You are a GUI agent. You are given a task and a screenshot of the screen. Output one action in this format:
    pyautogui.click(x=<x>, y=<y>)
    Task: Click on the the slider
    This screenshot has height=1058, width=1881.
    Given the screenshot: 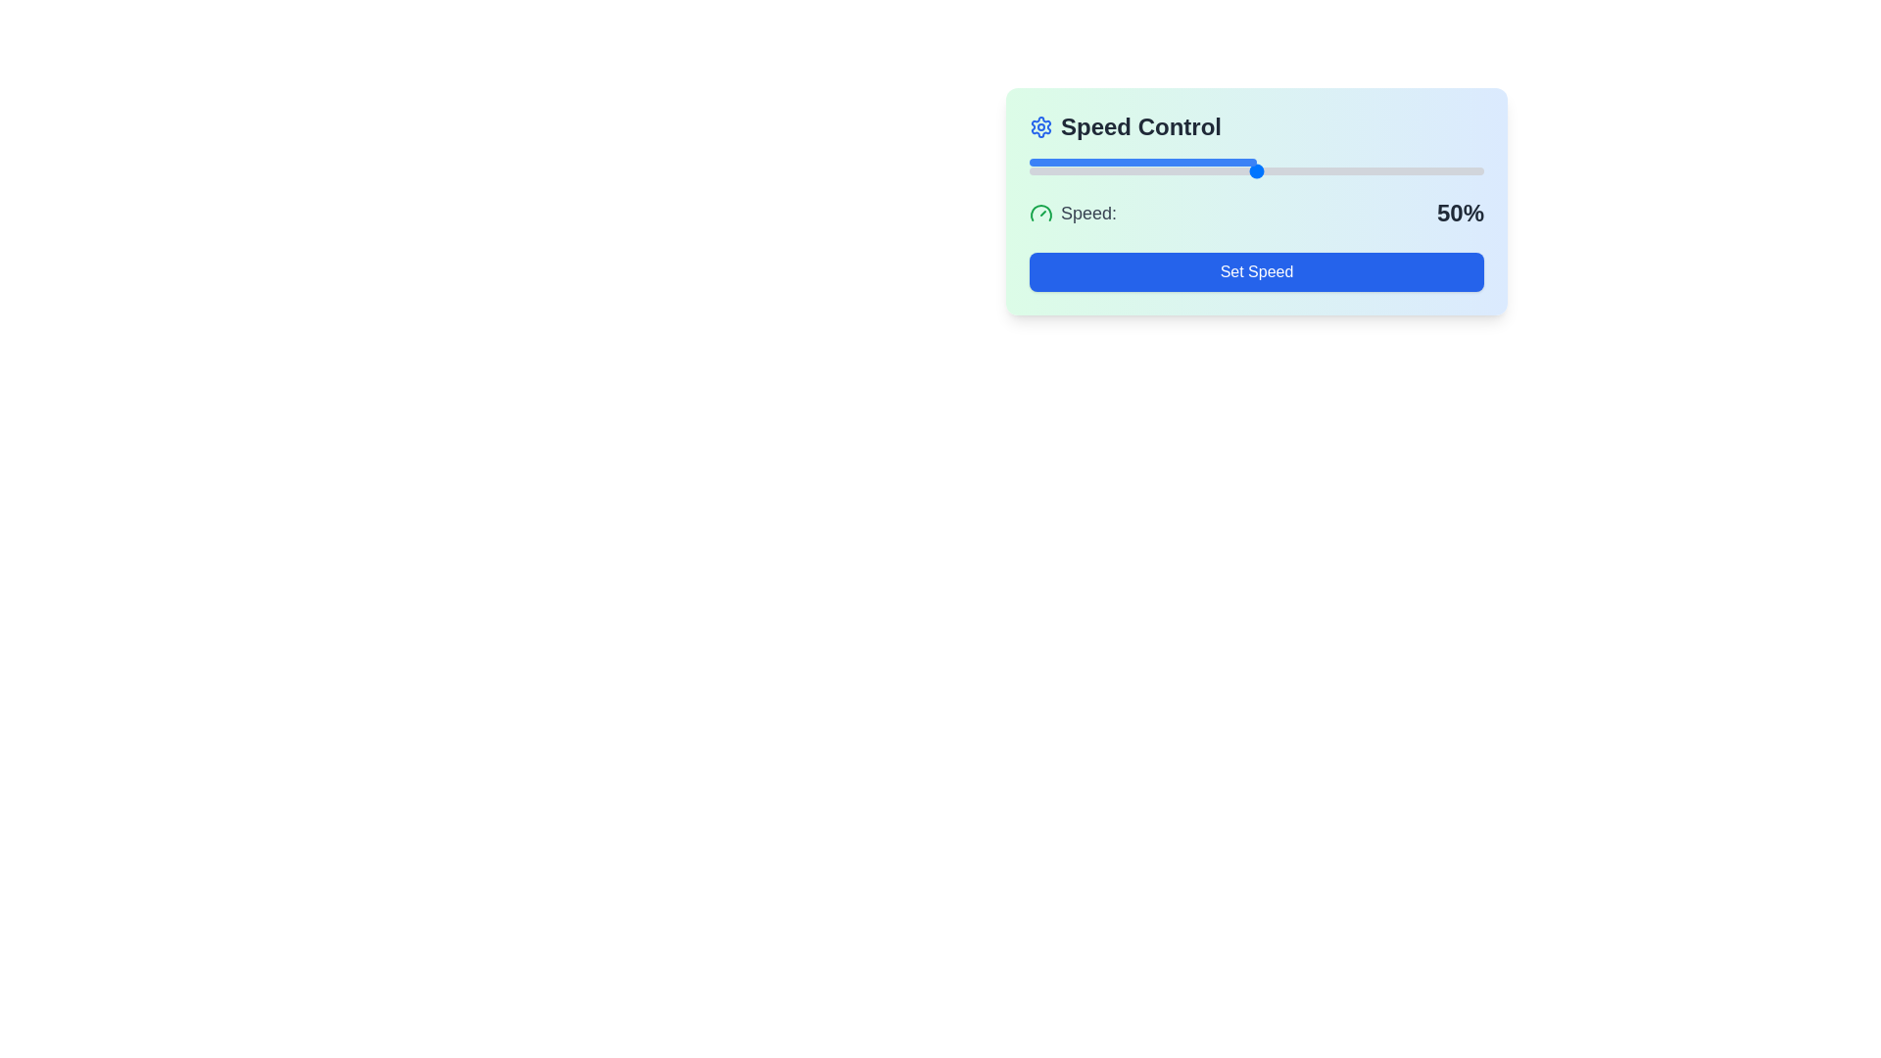 What is the action you would take?
    pyautogui.click(x=1166, y=169)
    